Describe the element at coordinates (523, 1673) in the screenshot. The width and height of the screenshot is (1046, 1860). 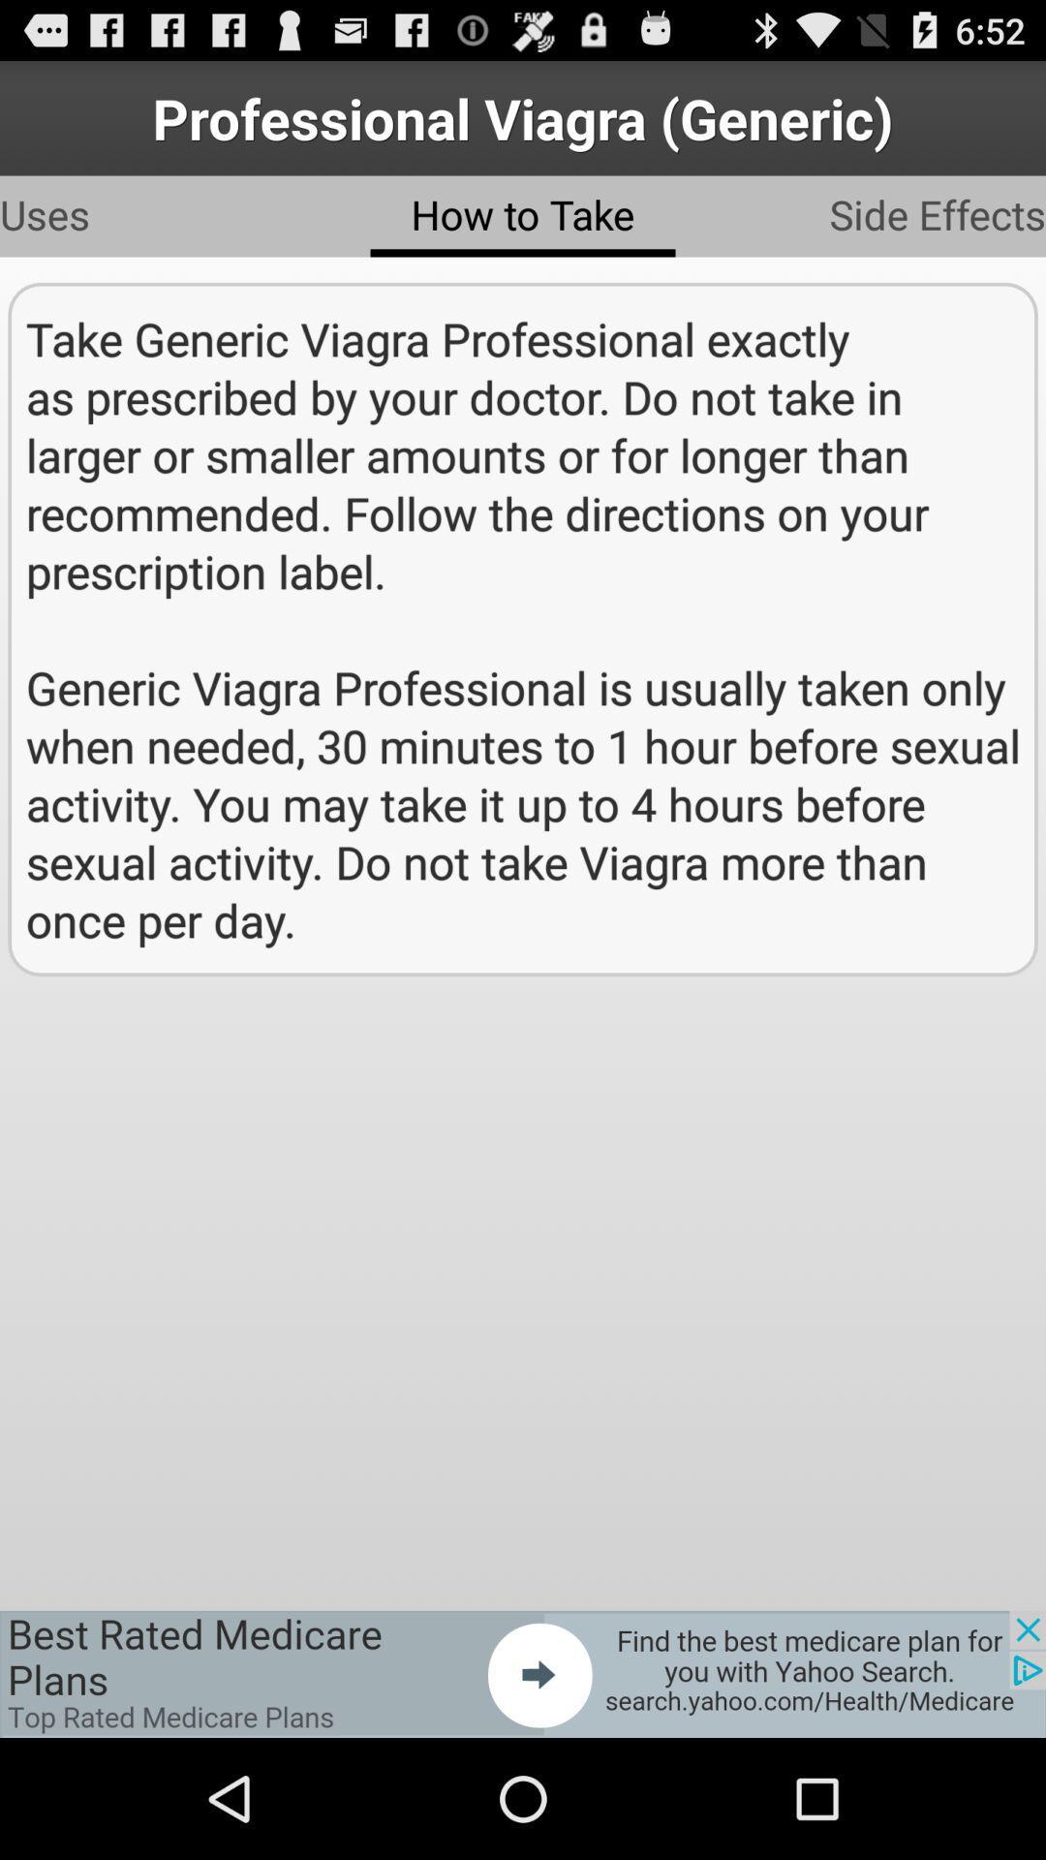
I see `advertisements` at that location.